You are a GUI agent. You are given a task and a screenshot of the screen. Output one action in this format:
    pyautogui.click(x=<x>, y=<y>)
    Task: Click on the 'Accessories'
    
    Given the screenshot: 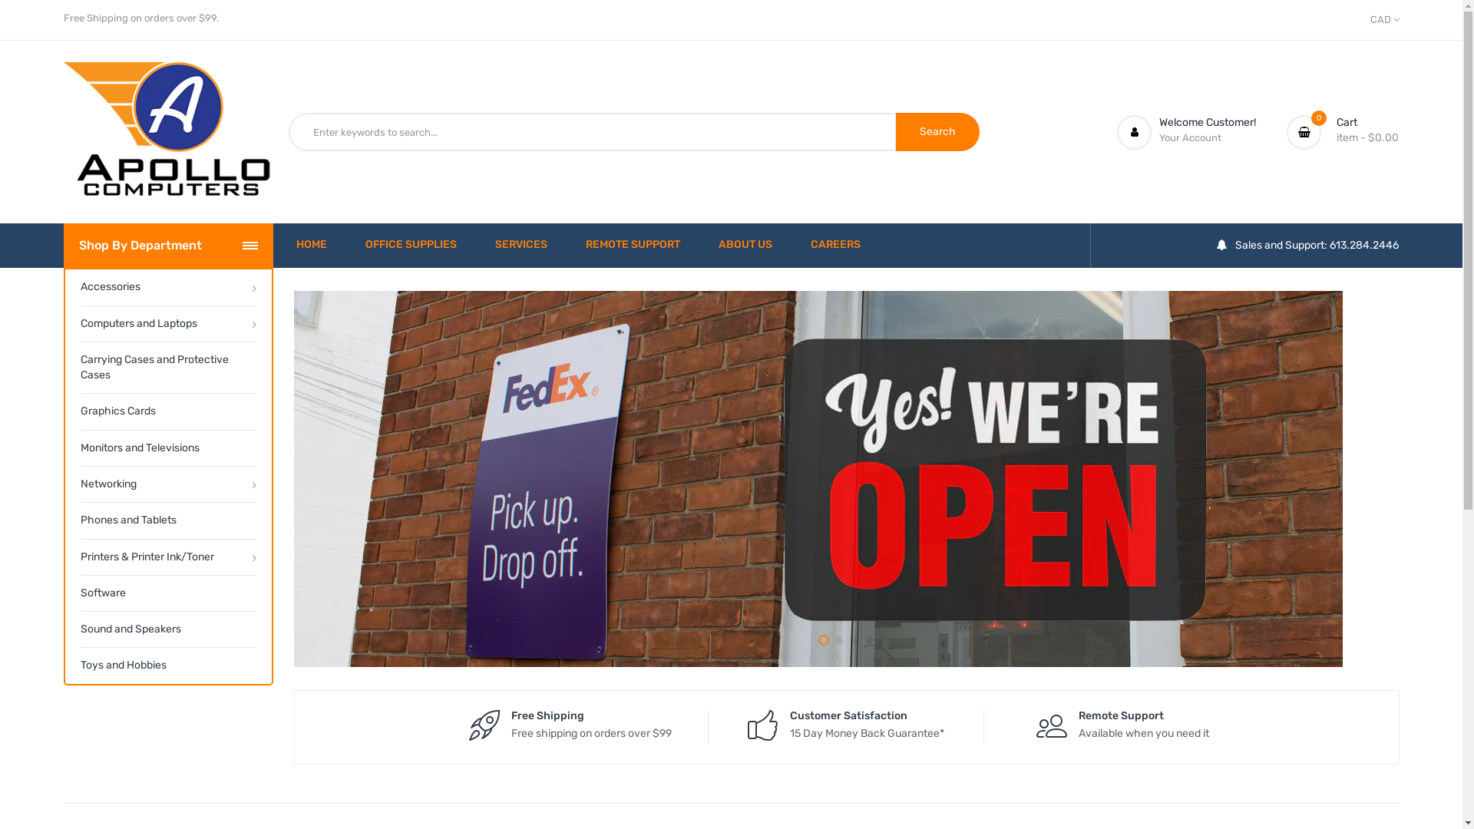 What is the action you would take?
    pyautogui.click(x=167, y=287)
    